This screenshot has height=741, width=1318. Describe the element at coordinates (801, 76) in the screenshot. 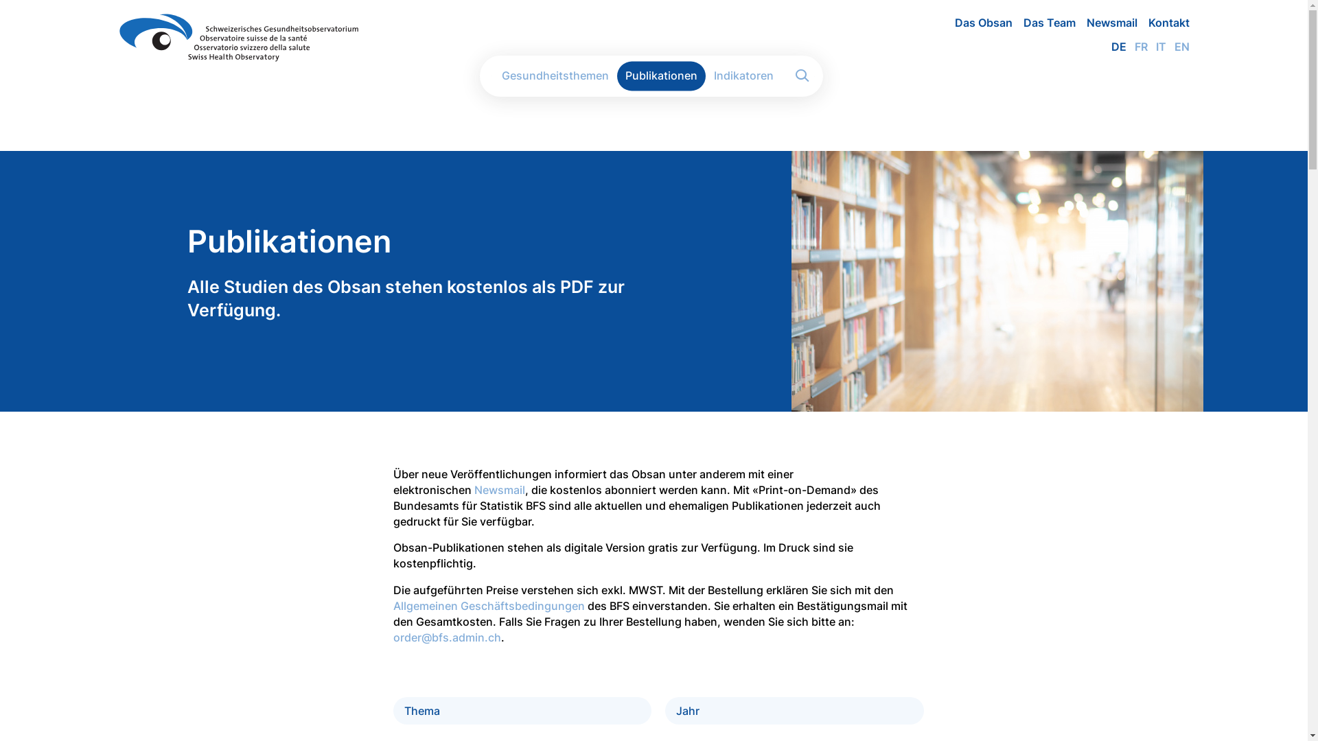

I see `'Apply'` at that location.